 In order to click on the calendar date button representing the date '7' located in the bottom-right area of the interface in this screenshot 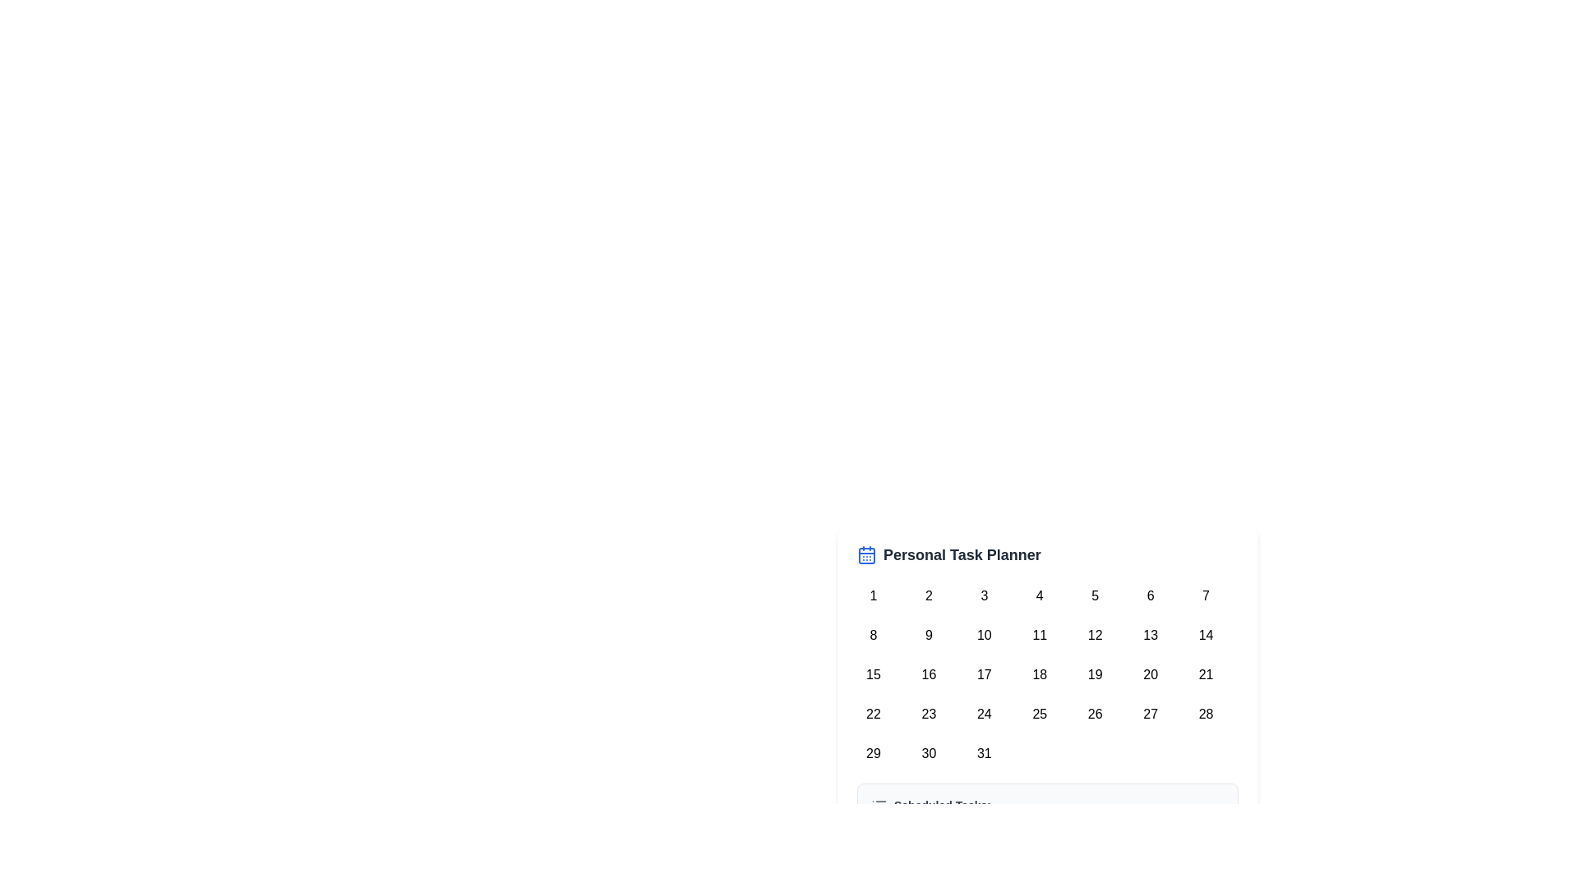, I will do `click(1206, 595)`.